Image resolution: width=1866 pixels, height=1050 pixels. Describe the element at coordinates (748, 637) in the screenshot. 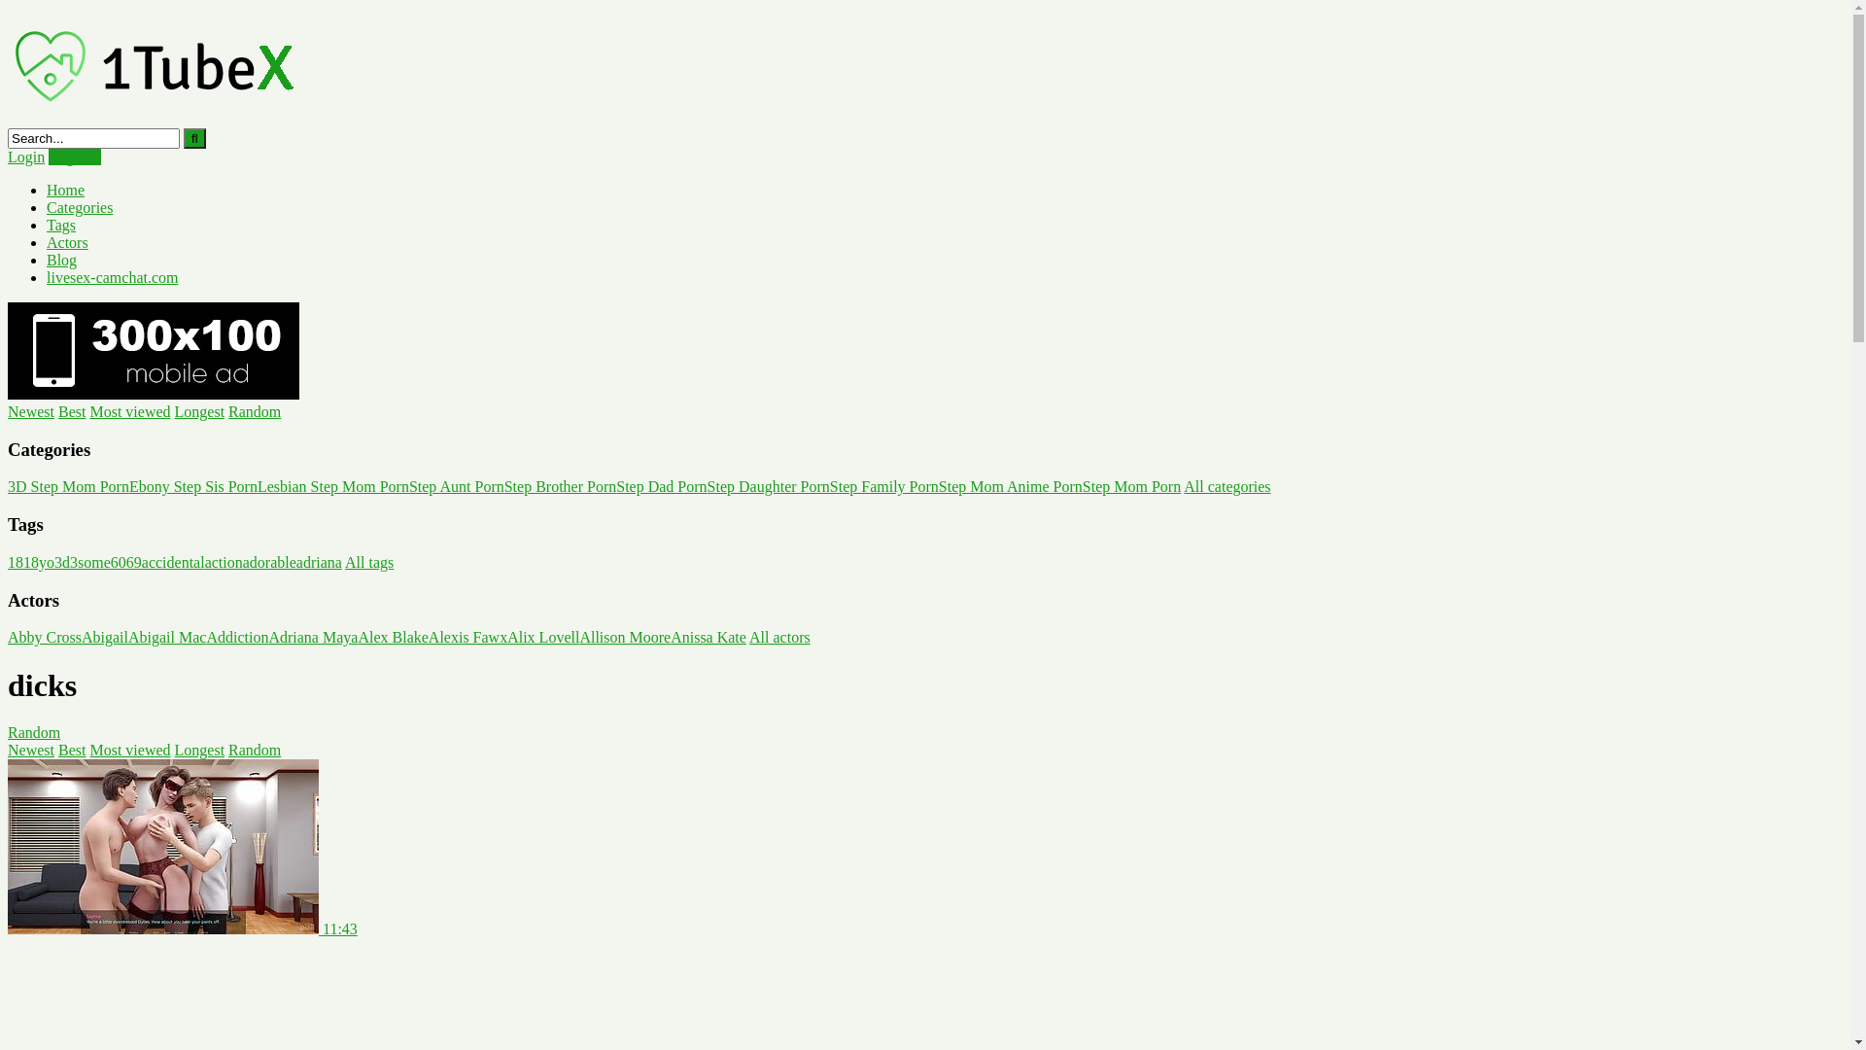

I see `'All actors'` at that location.